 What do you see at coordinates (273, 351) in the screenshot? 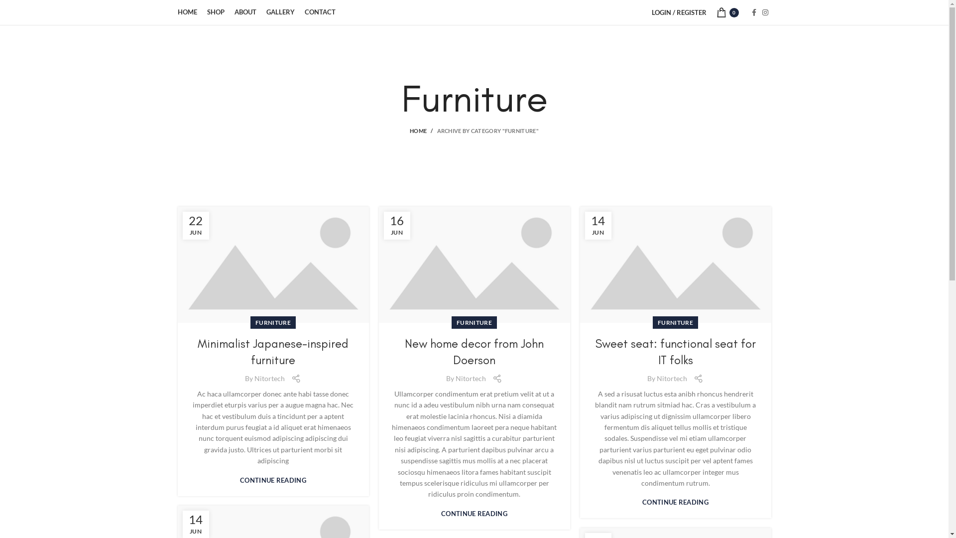
I see `'Minimalist Japanese-inspired furniture'` at bounding box center [273, 351].